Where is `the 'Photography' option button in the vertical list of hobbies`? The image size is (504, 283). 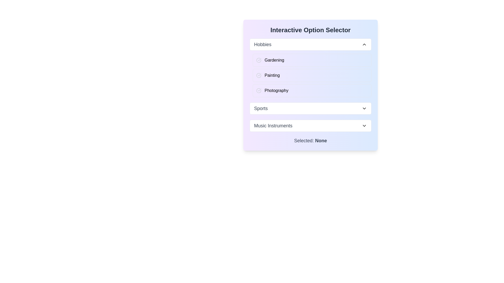
the 'Photography' option button in the vertical list of hobbies is located at coordinates (312, 90).